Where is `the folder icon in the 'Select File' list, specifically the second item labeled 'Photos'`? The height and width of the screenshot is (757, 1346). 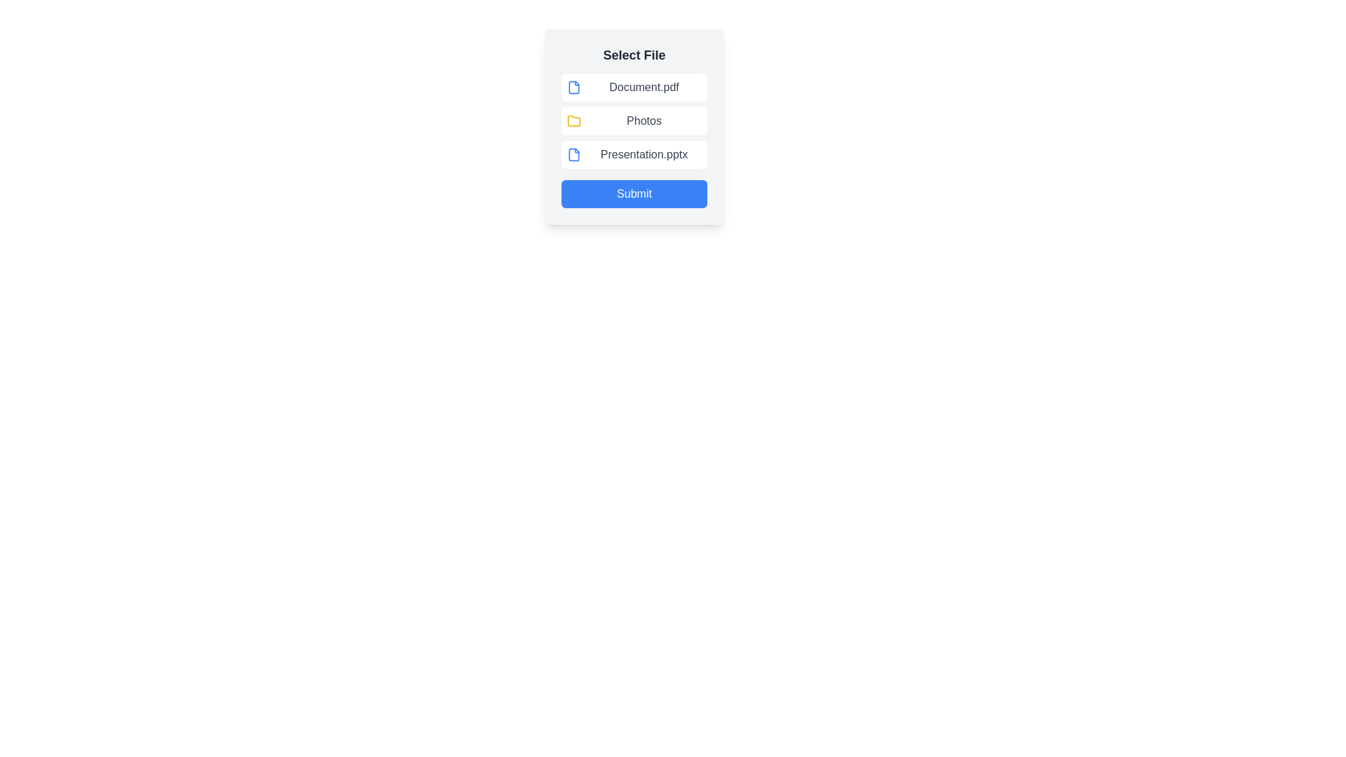
the folder icon in the 'Select File' list, specifically the second item labeled 'Photos' is located at coordinates (574, 121).